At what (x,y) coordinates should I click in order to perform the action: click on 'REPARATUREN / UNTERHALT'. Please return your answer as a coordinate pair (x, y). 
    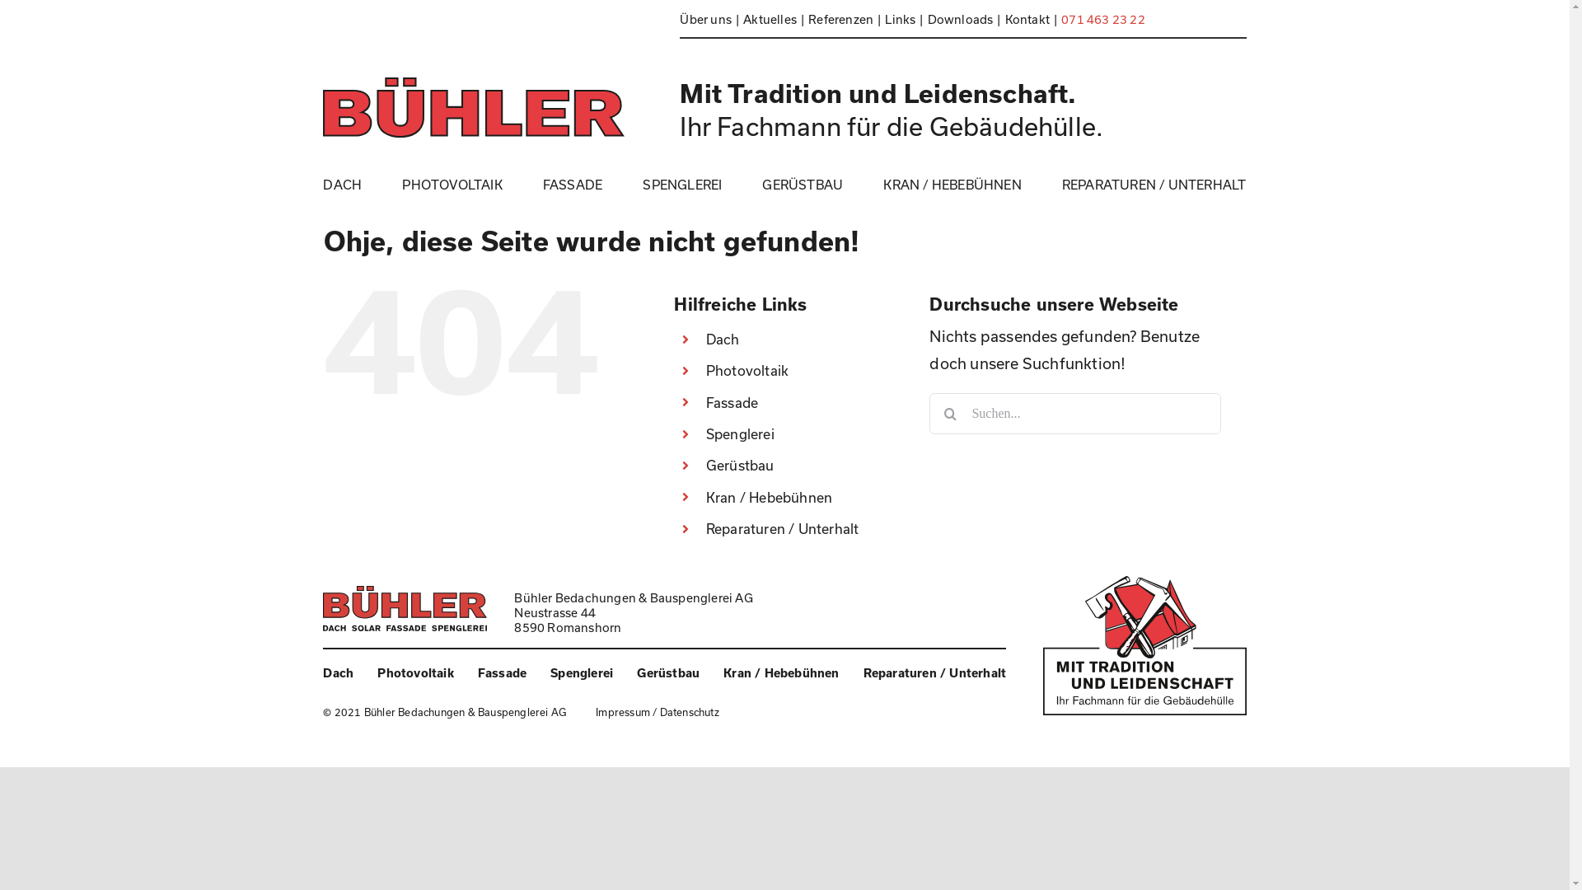
    Looking at the image, I should click on (1154, 184).